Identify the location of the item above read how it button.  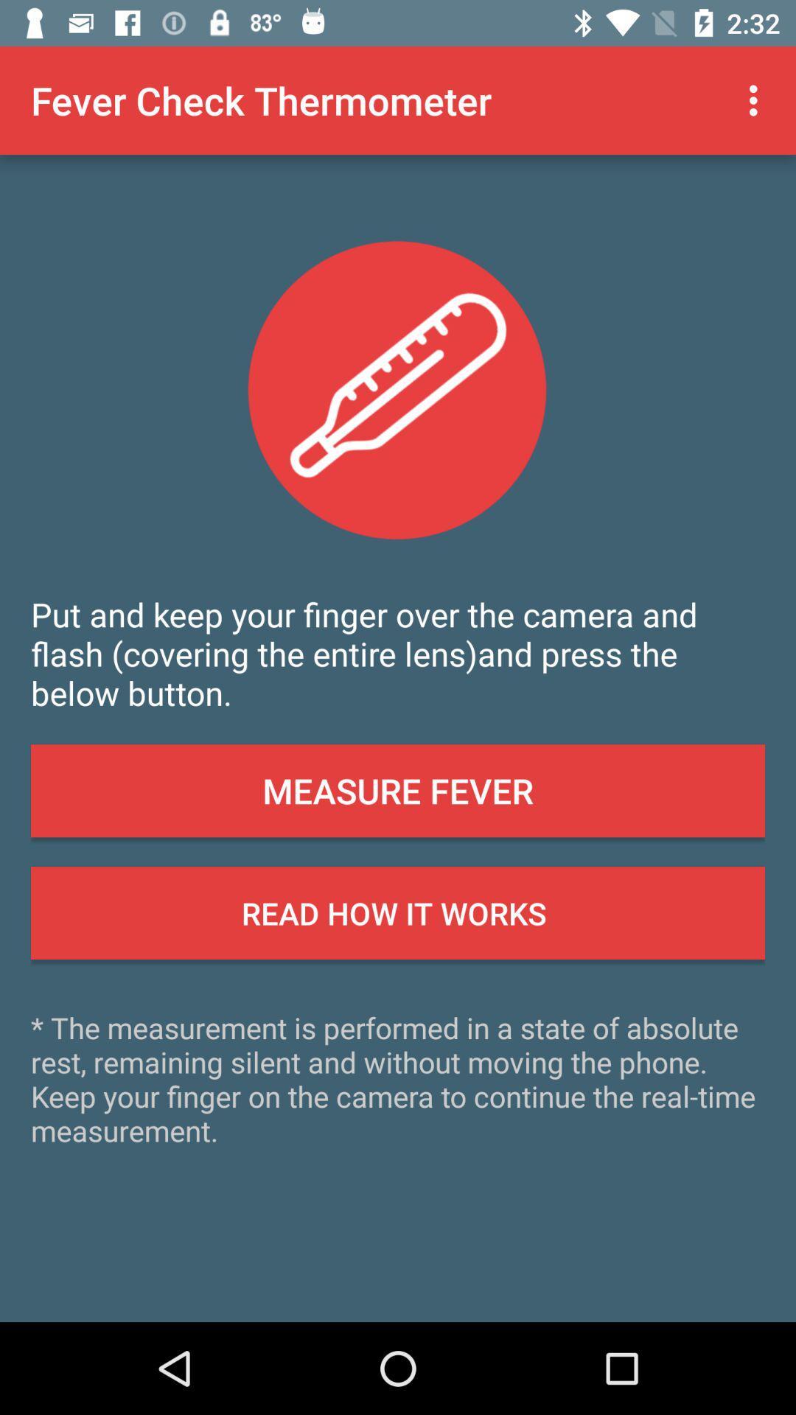
(398, 790).